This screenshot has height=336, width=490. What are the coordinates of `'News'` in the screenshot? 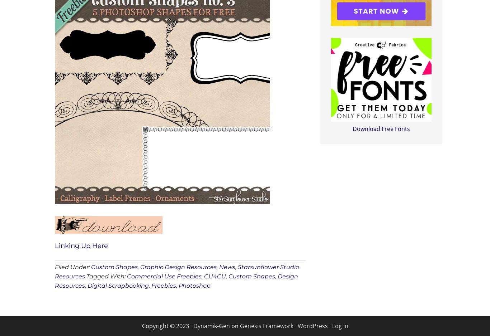 It's located at (219, 267).